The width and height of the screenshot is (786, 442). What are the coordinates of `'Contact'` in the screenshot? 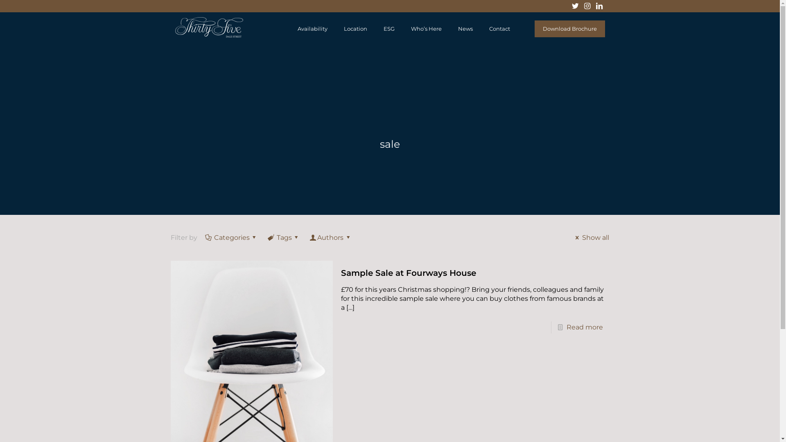 It's located at (499, 28).